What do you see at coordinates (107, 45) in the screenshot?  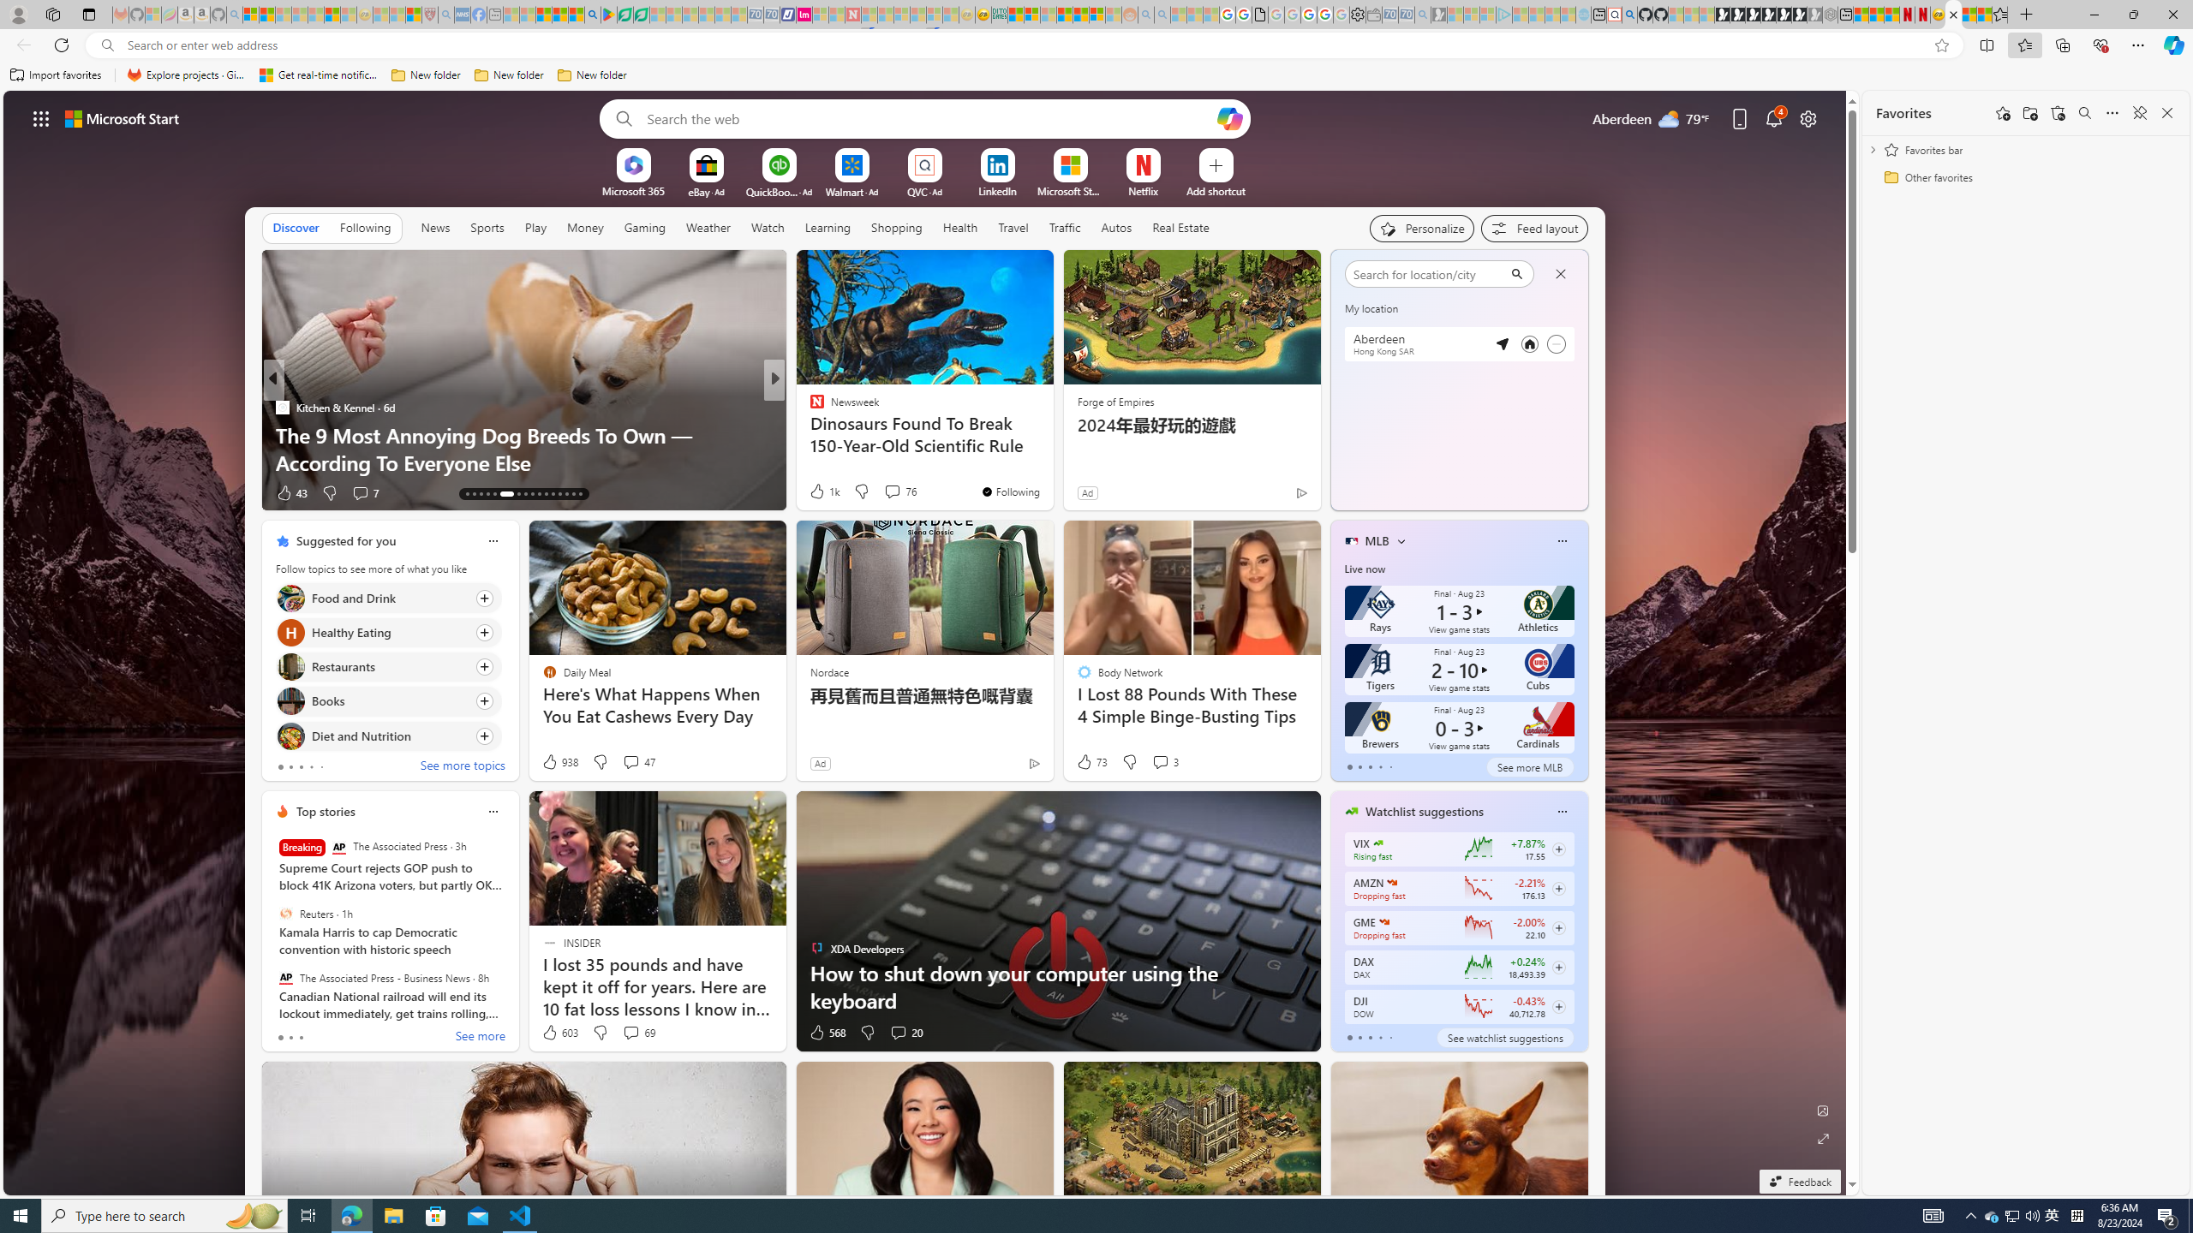 I see `'Search icon'` at bounding box center [107, 45].